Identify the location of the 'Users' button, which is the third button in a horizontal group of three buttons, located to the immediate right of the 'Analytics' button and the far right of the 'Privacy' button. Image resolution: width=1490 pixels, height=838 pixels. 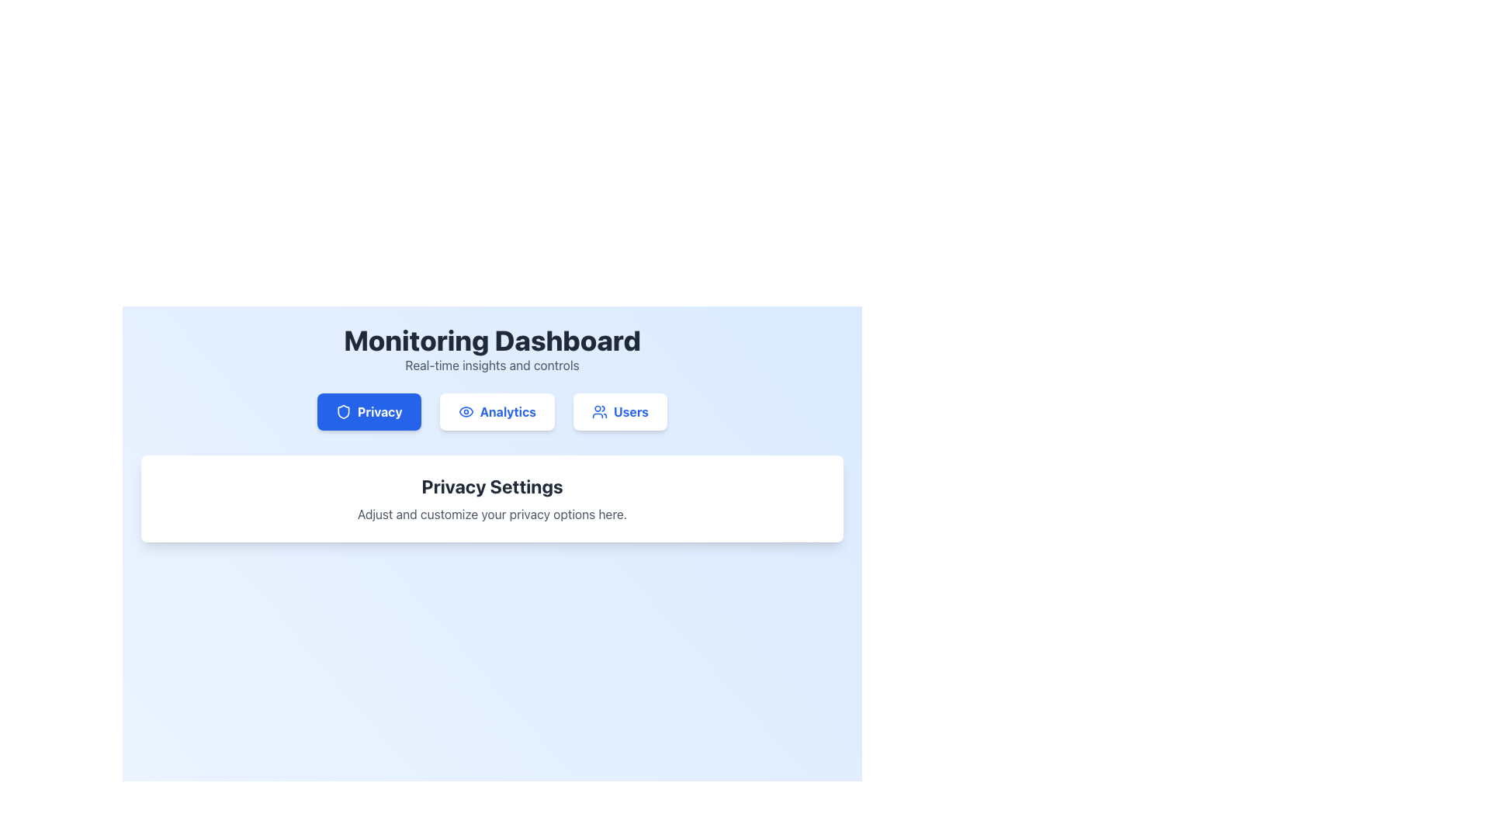
(619, 411).